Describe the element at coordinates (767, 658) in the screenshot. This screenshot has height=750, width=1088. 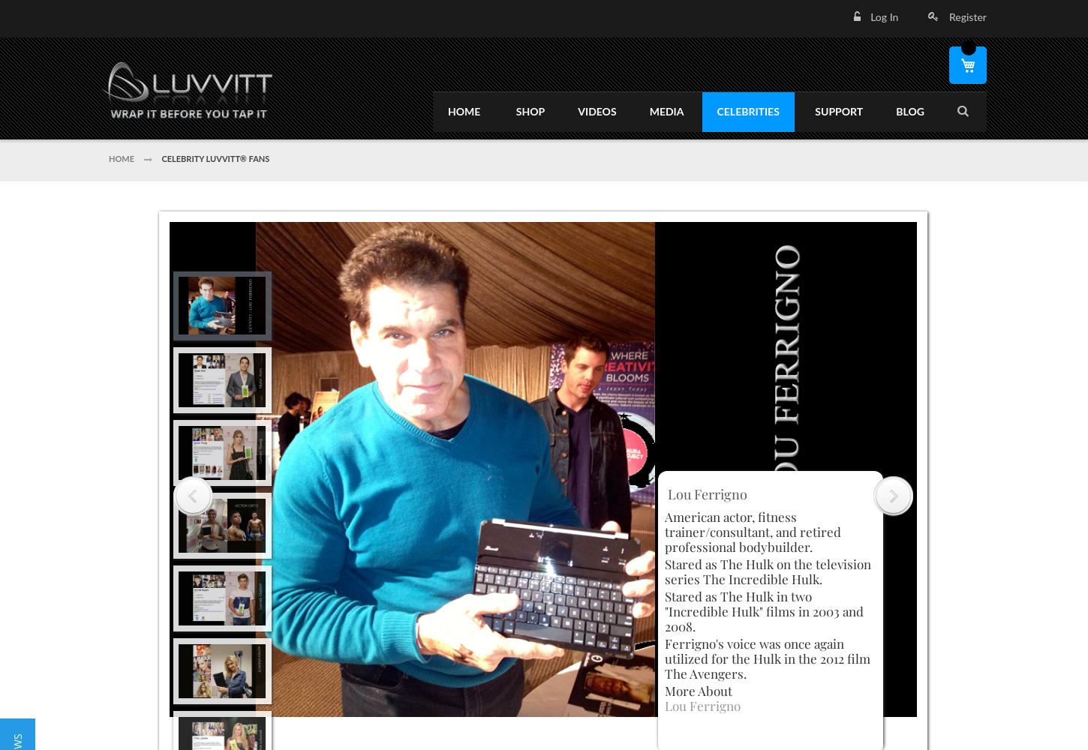
I see `'Ferrigno's voice was once again utilized for the Hulk in the 2012 film The Avengers.'` at that location.